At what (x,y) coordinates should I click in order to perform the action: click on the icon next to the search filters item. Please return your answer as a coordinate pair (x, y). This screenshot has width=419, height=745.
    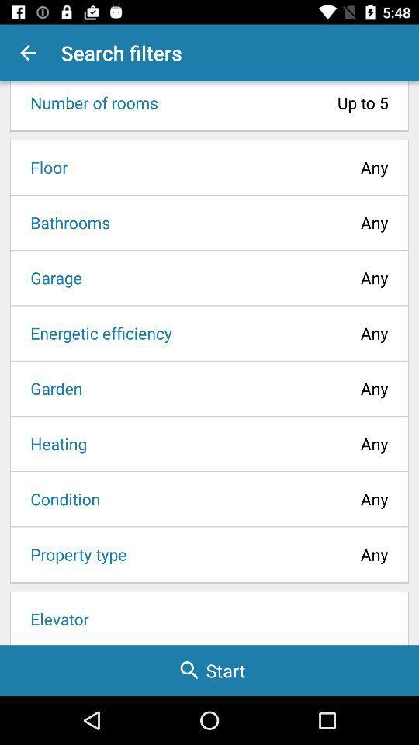
    Looking at the image, I should click on (28, 53).